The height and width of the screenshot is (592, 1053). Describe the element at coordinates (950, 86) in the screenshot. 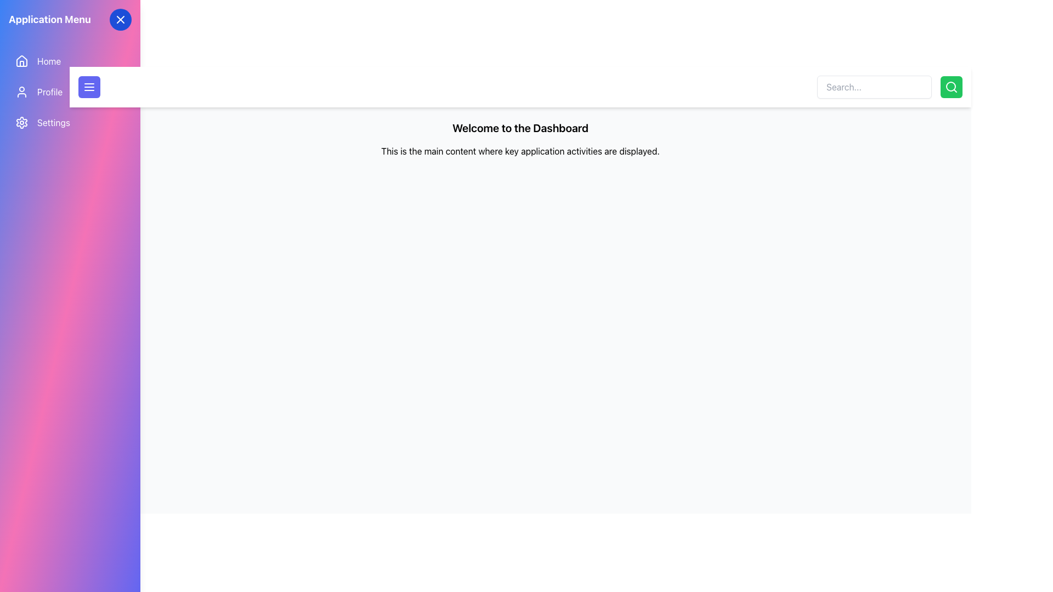

I see `the search icon located at the top-right corner of the interface` at that location.